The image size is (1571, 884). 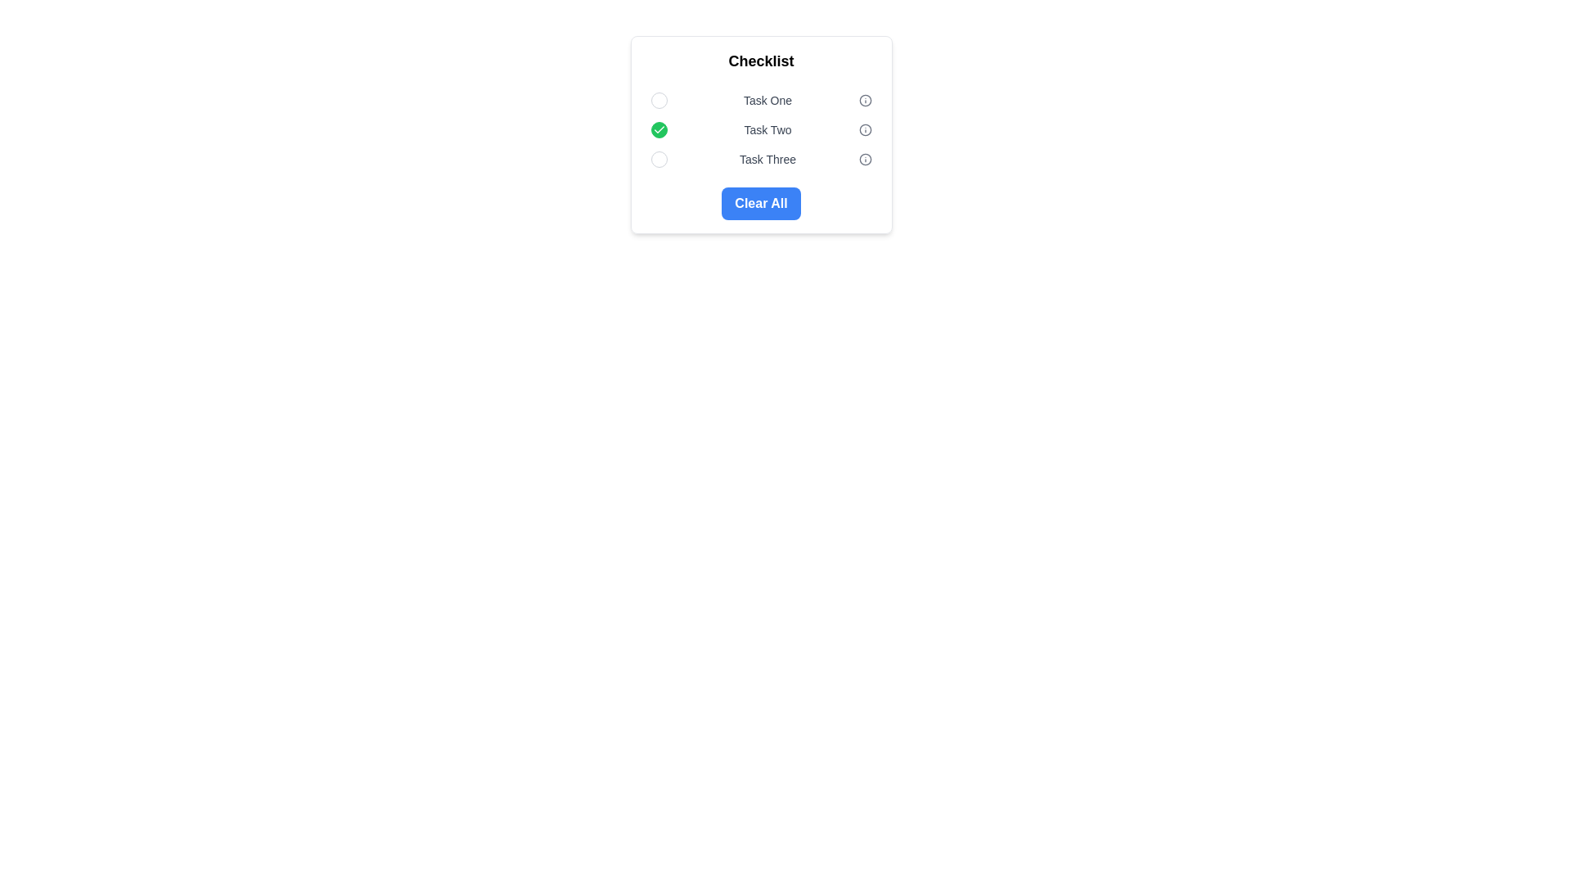 What do you see at coordinates (864, 129) in the screenshot?
I see `the outermost SVG circle component of the informational icon located in the rightmost area of the second line related to 'Task Two' in the checklist` at bounding box center [864, 129].